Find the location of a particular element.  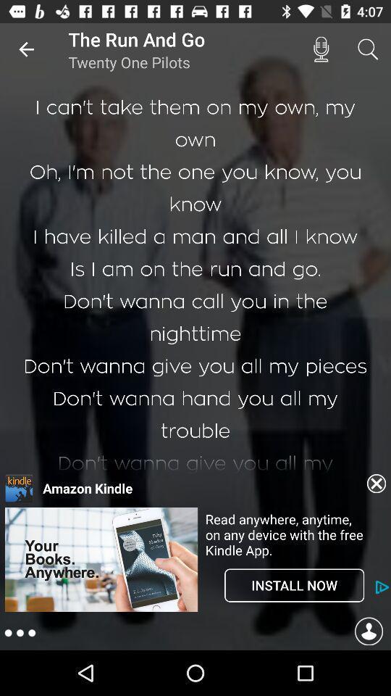

click on advertisement is located at coordinates (101, 610).